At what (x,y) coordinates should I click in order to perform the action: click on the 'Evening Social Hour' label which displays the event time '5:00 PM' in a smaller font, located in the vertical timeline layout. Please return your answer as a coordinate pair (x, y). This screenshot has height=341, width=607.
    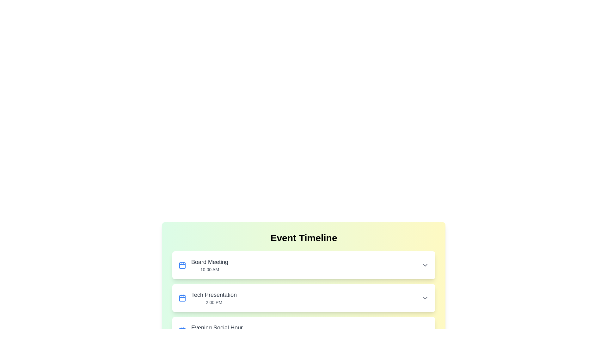
    Looking at the image, I should click on (217, 331).